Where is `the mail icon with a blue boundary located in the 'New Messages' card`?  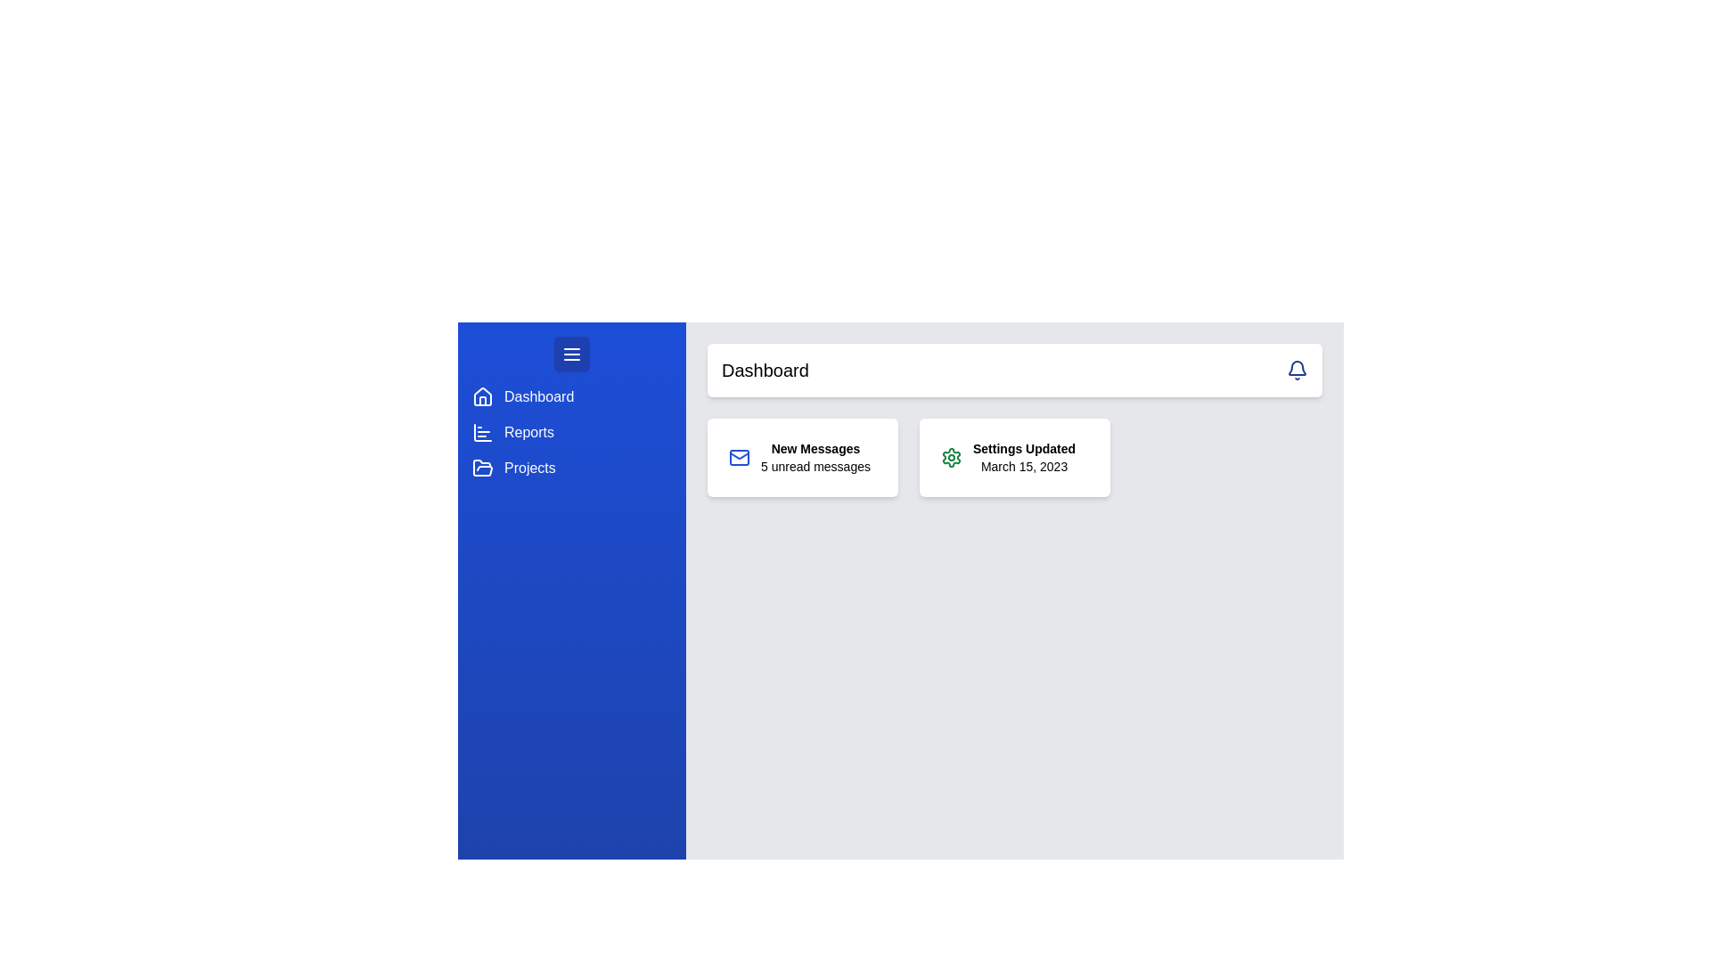
the mail icon with a blue boundary located in the 'New Messages' card is located at coordinates (740, 456).